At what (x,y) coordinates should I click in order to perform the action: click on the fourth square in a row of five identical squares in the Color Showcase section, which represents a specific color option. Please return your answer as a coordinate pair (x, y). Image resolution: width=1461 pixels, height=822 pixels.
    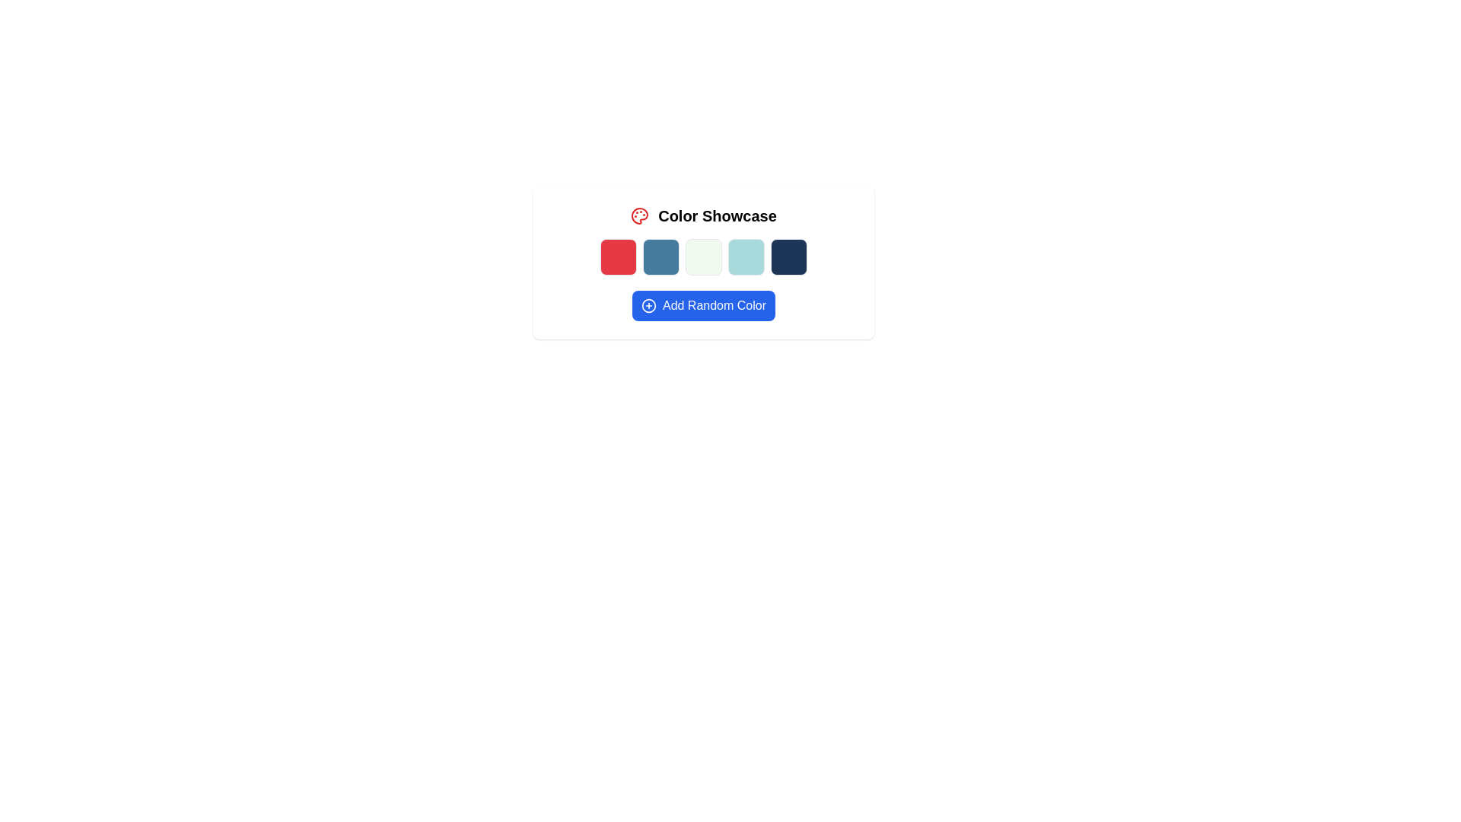
    Looking at the image, I should click on (746, 256).